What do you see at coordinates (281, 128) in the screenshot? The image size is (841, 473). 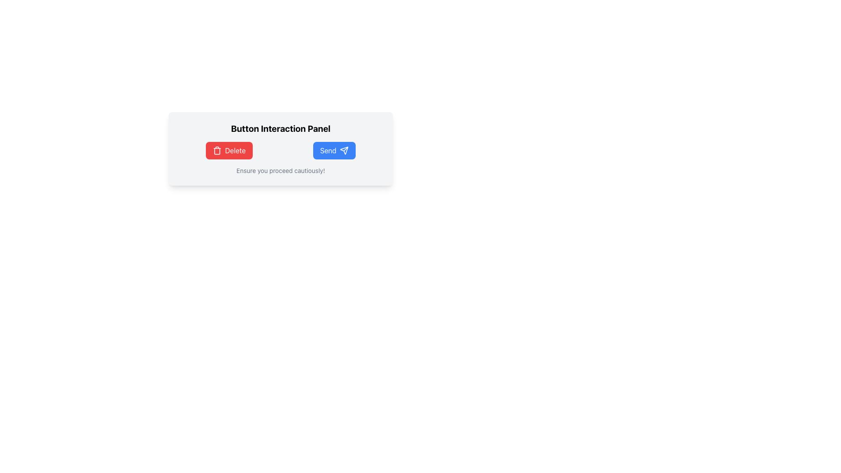 I see `the bold, centered text element displaying 'Button Interaction Panel', which serves as a title above the 'Delete' and 'Send' buttons` at bounding box center [281, 128].